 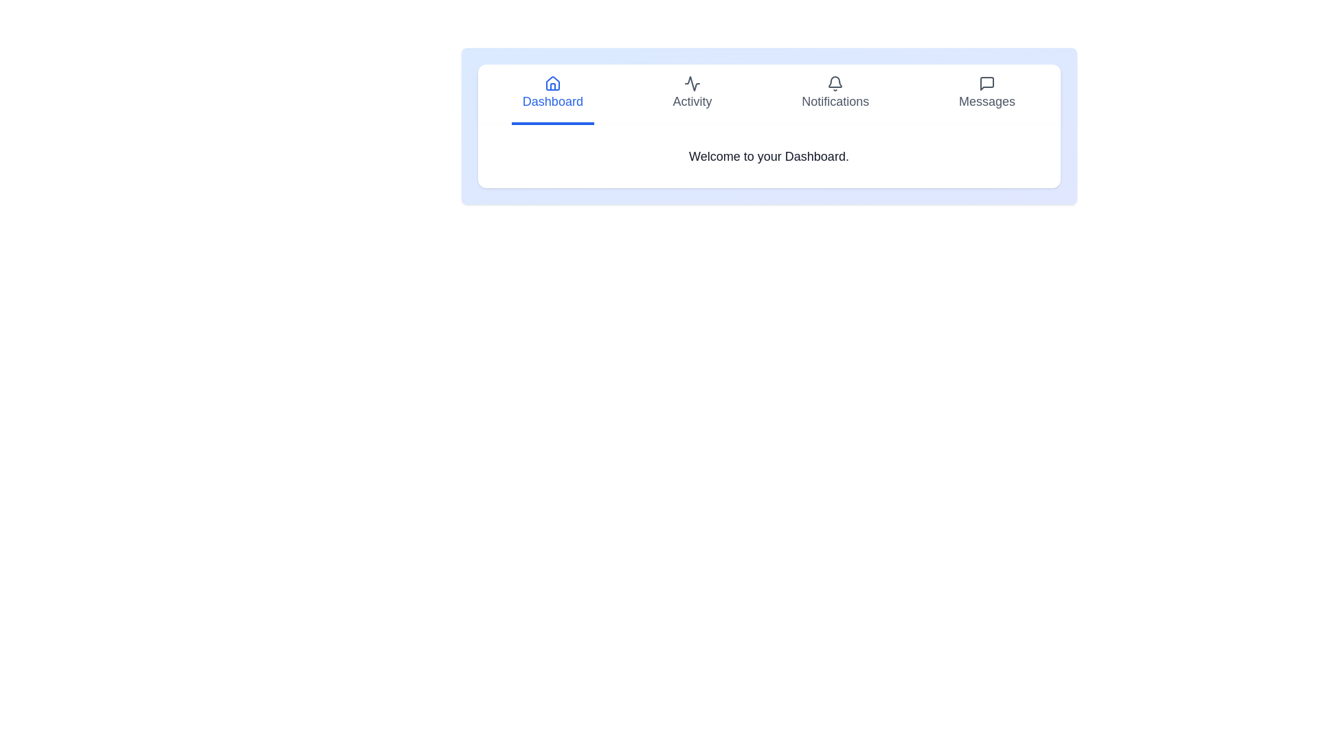 I want to click on the tab labeled Dashboard, so click(x=552, y=94).